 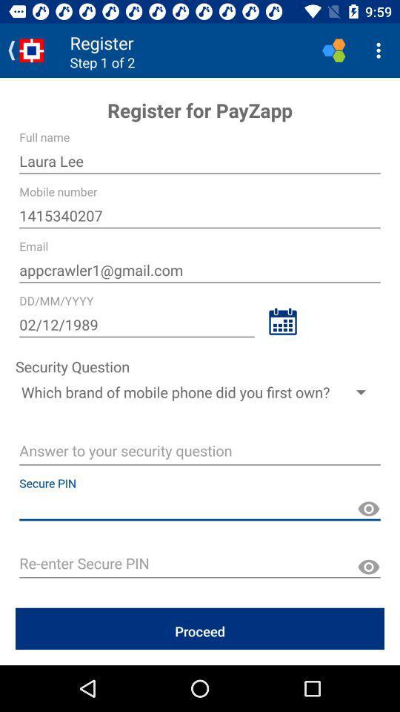 What do you see at coordinates (367, 509) in the screenshot?
I see `the visibility icon` at bounding box center [367, 509].